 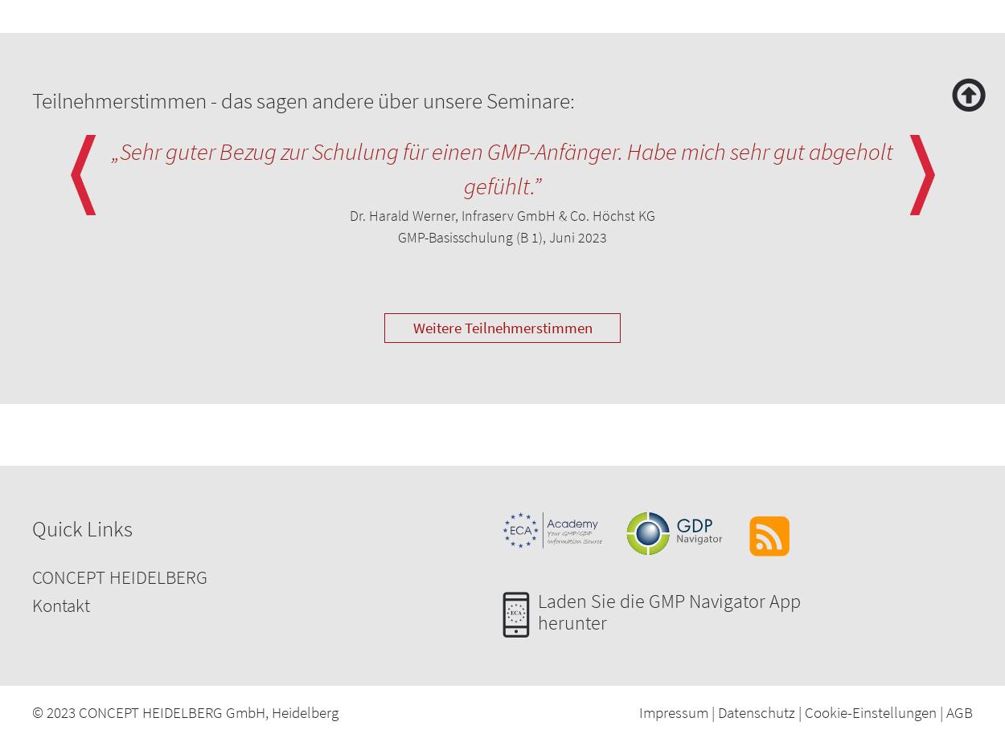 What do you see at coordinates (169, 47) in the screenshot?
I see `'Guidance to selection of optimal process'` at bounding box center [169, 47].